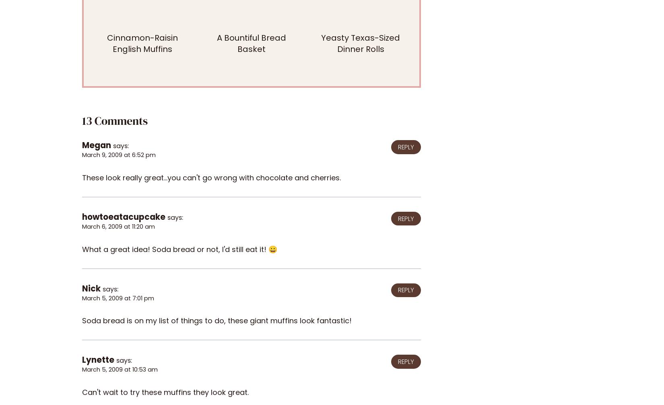 The height and width of the screenshot is (405, 664). Describe the element at coordinates (251, 43) in the screenshot. I see `'A Bountiful Bread Basket'` at that location.